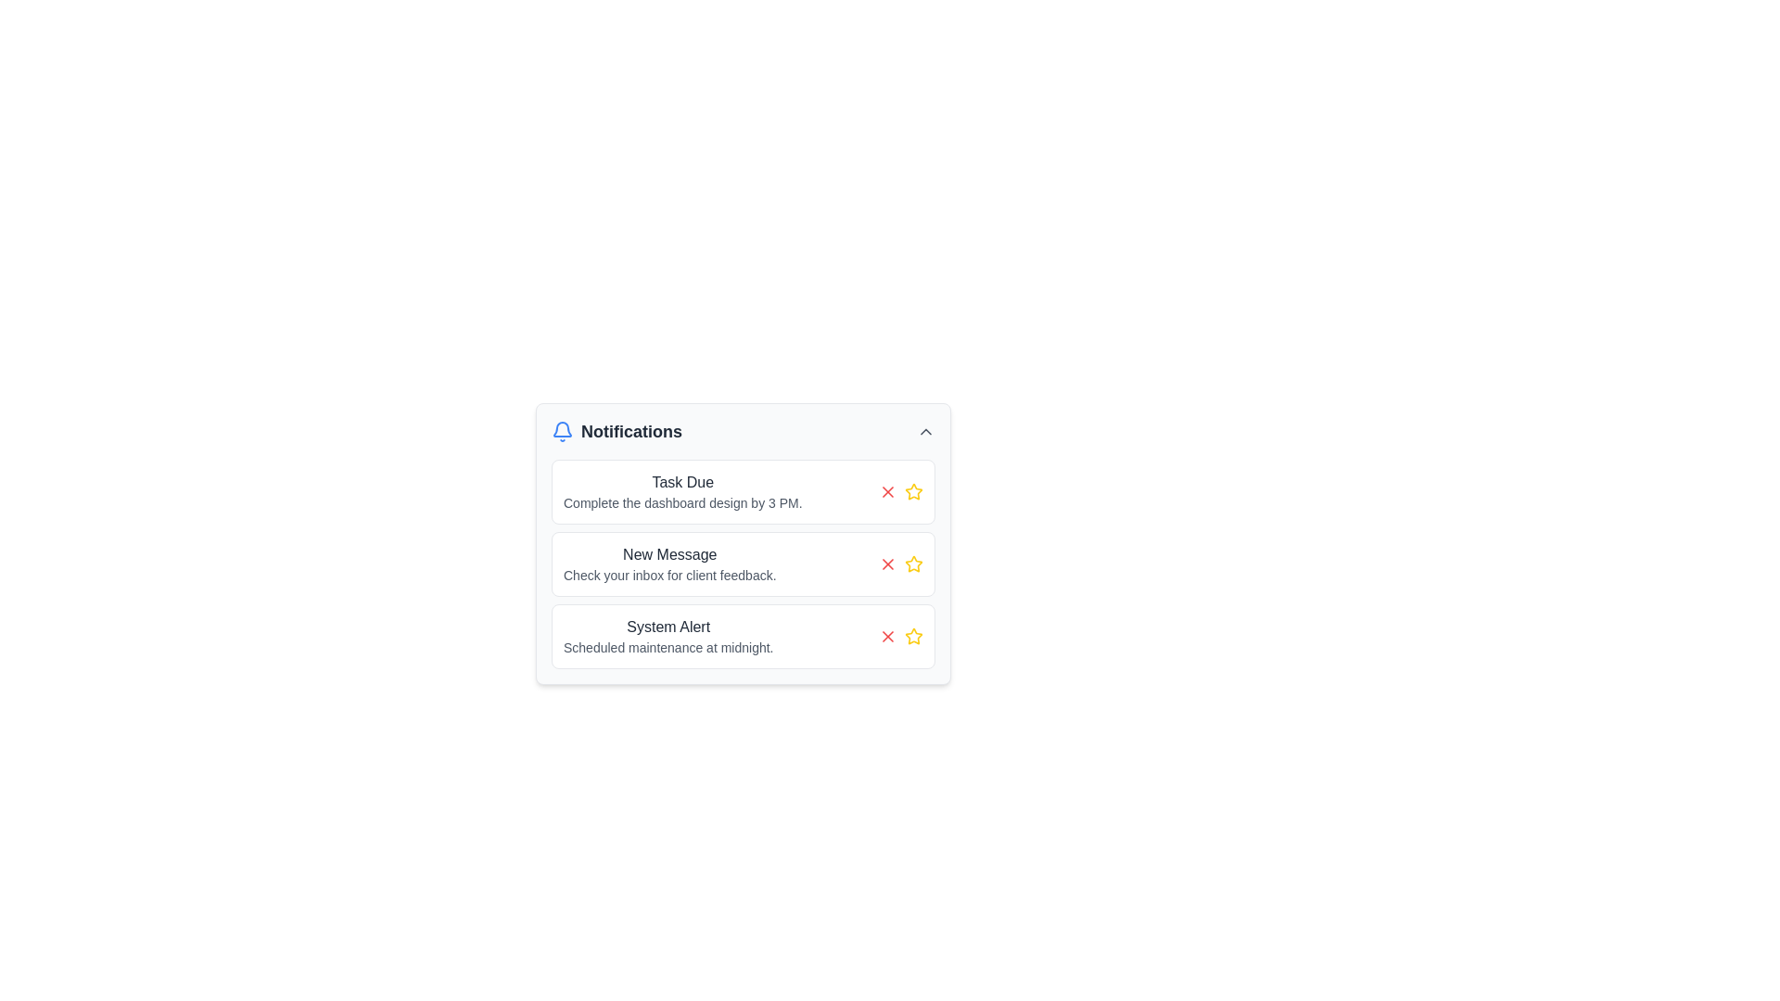 Image resolution: width=1780 pixels, height=1001 pixels. What do you see at coordinates (900, 491) in the screenshot?
I see `the bookmarking icon located at the far right end of the 'Task Due' notification card` at bounding box center [900, 491].